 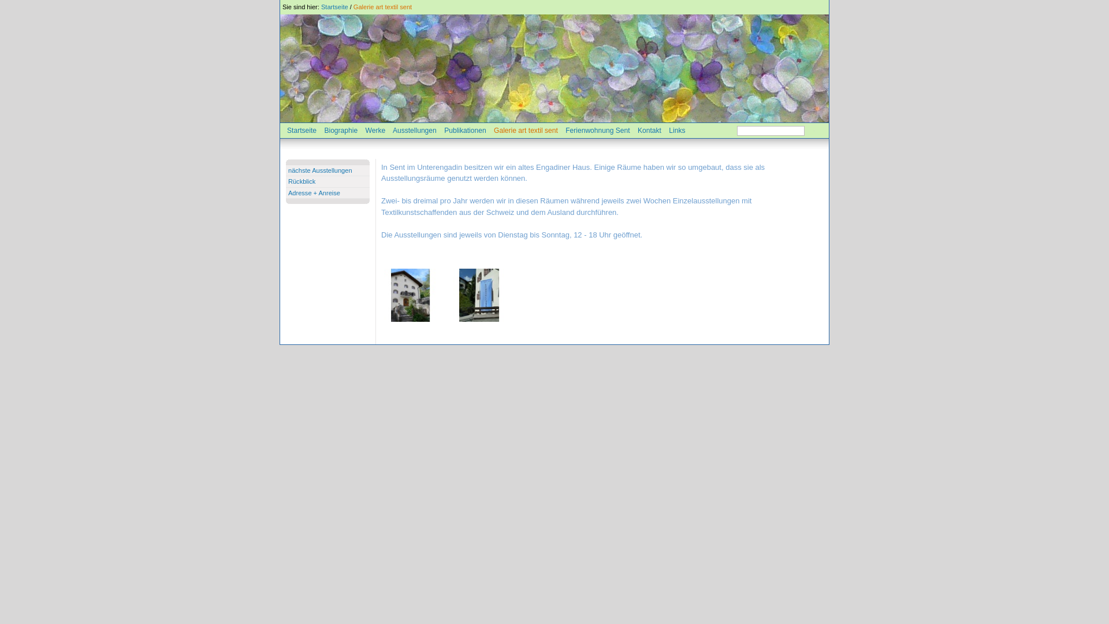 I want to click on 'Biographie', so click(x=340, y=130).